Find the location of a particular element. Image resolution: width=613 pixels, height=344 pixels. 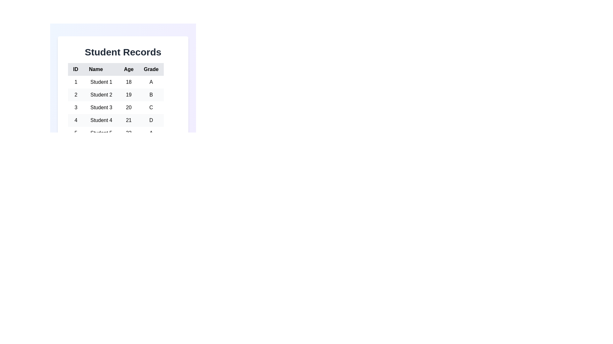

the row corresponding to 5 is located at coordinates (116, 133).